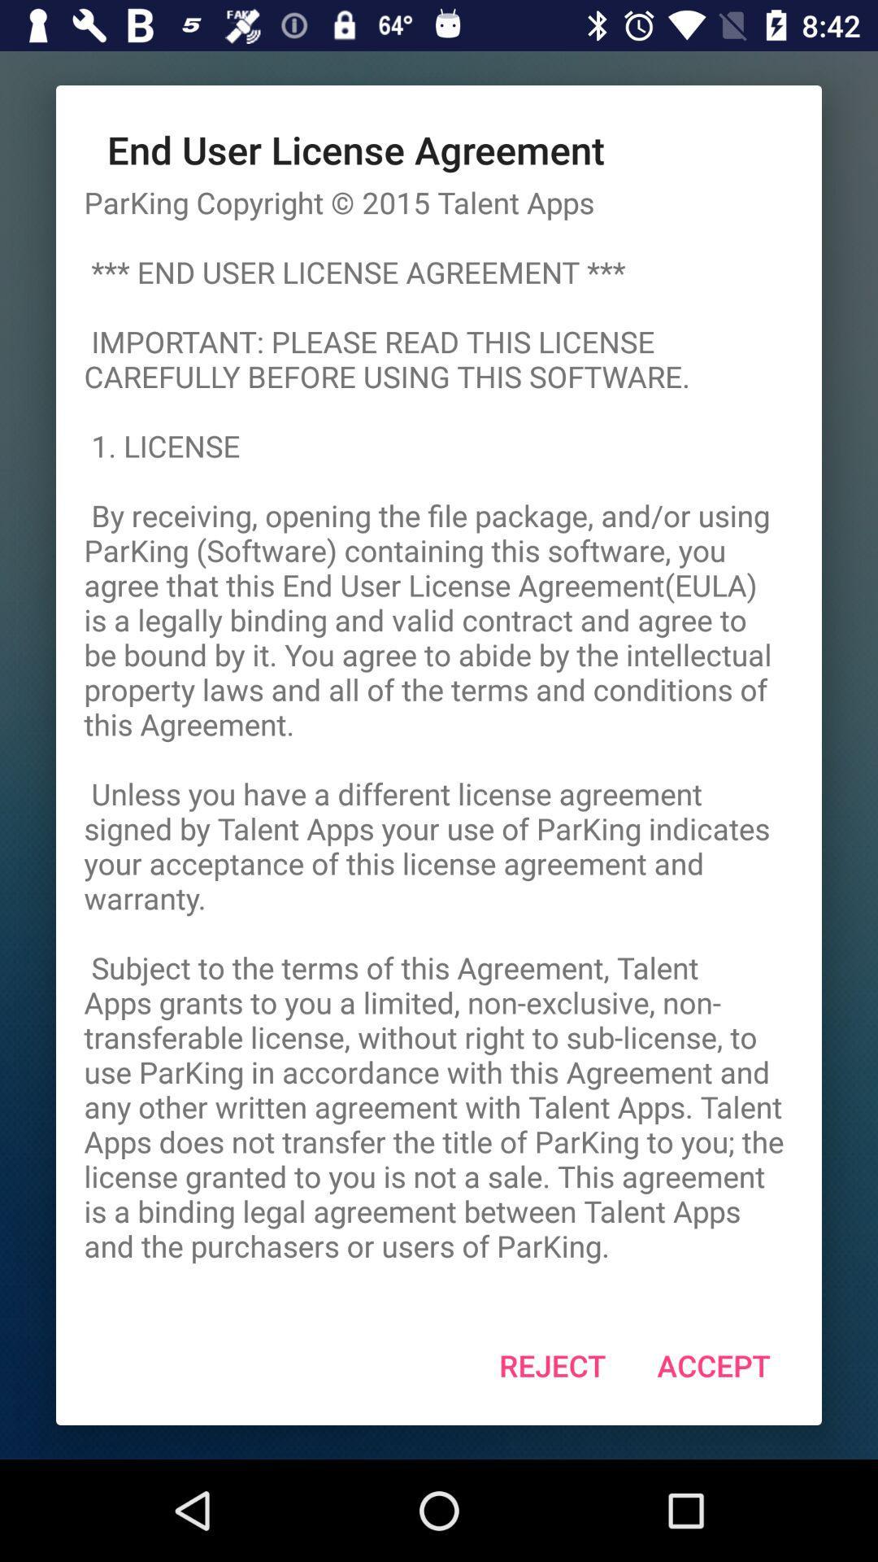 The height and width of the screenshot is (1562, 878). I want to click on the accept, so click(713, 1365).